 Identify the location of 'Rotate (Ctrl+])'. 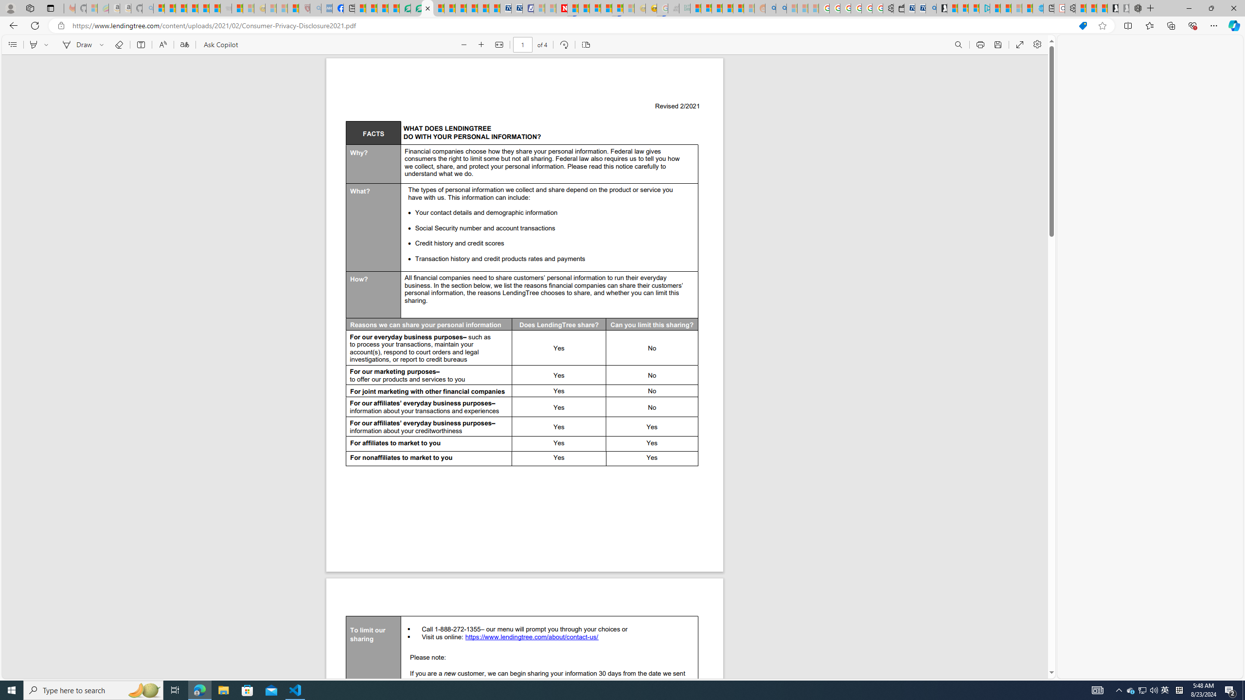
(564, 44).